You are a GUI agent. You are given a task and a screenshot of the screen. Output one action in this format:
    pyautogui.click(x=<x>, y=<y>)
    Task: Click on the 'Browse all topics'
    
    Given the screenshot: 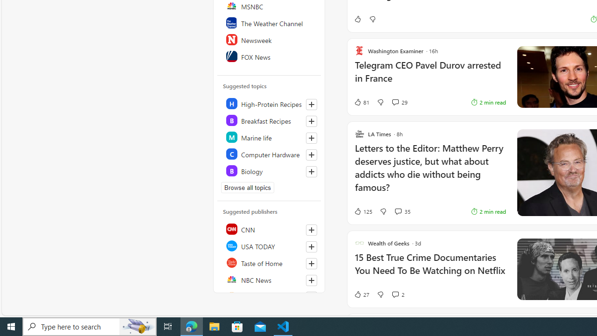 What is the action you would take?
    pyautogui.click(x=248, y=188)
    